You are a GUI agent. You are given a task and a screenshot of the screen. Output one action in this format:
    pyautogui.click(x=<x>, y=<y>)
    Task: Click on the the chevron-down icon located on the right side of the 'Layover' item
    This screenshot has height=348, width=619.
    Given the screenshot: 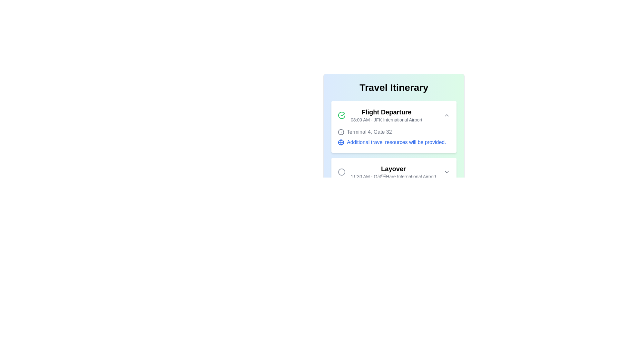 What is the action you would take?
    pyautogui.click(x=447, y=171)
    